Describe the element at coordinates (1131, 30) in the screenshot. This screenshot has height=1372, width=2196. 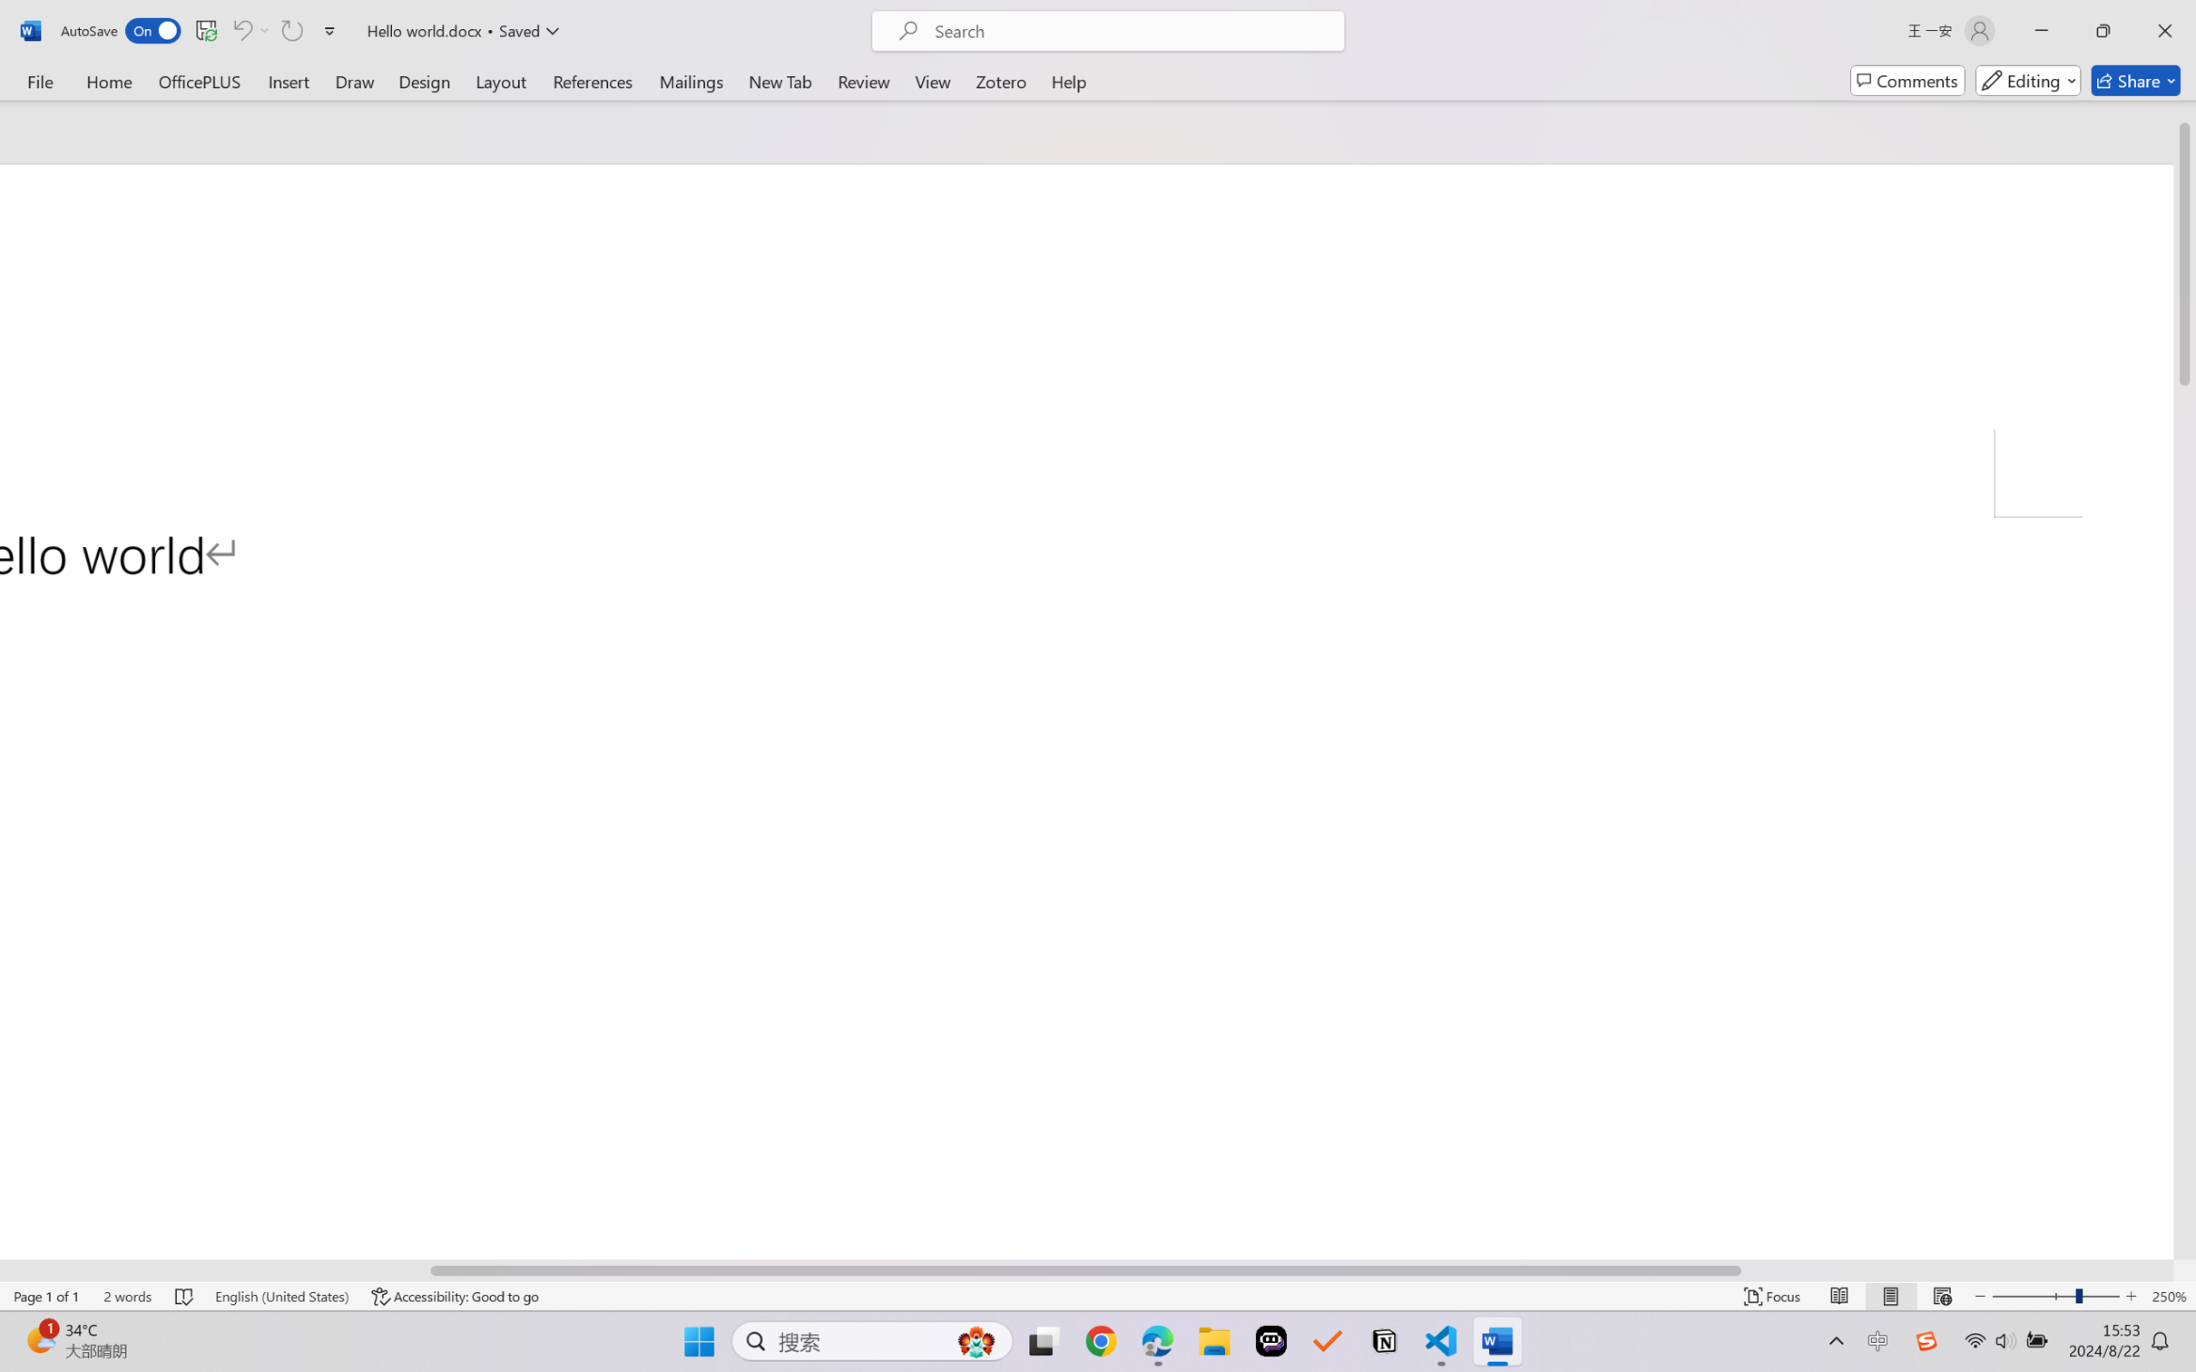
I see `'Microsoft search'` at that location.